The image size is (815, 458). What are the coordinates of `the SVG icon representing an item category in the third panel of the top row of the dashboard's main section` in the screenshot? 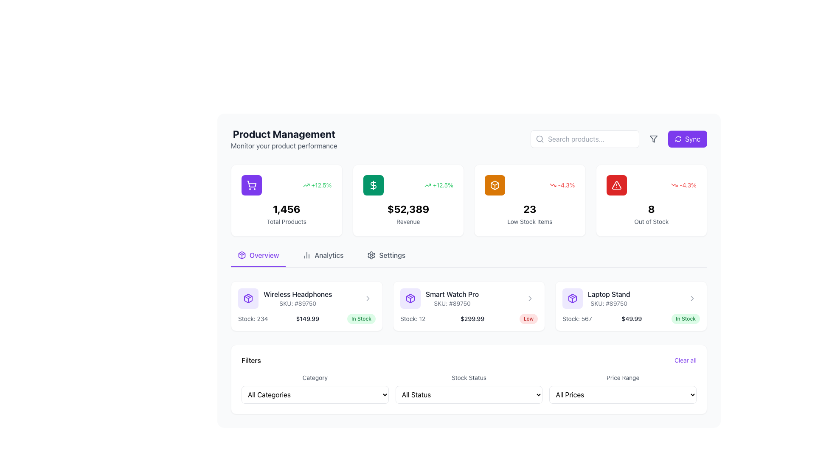 It's located at (410, 298).